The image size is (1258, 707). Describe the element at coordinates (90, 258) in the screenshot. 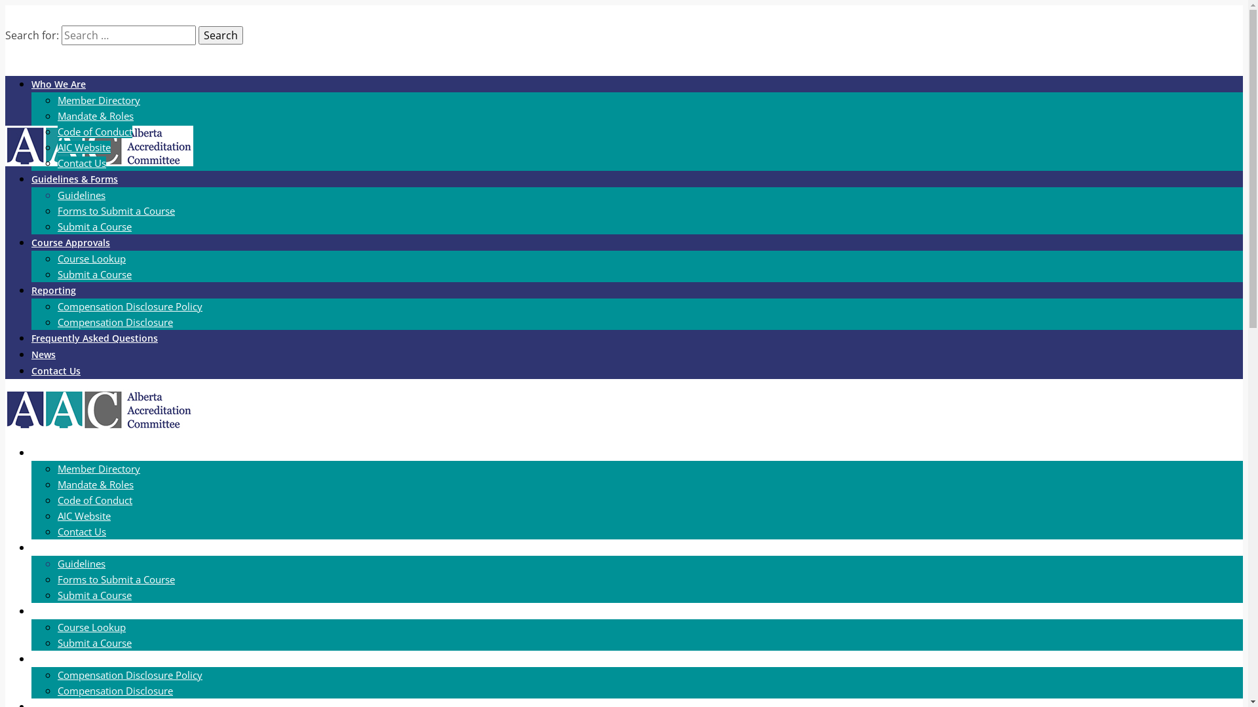

I see `'Course Lookup'` at that location.